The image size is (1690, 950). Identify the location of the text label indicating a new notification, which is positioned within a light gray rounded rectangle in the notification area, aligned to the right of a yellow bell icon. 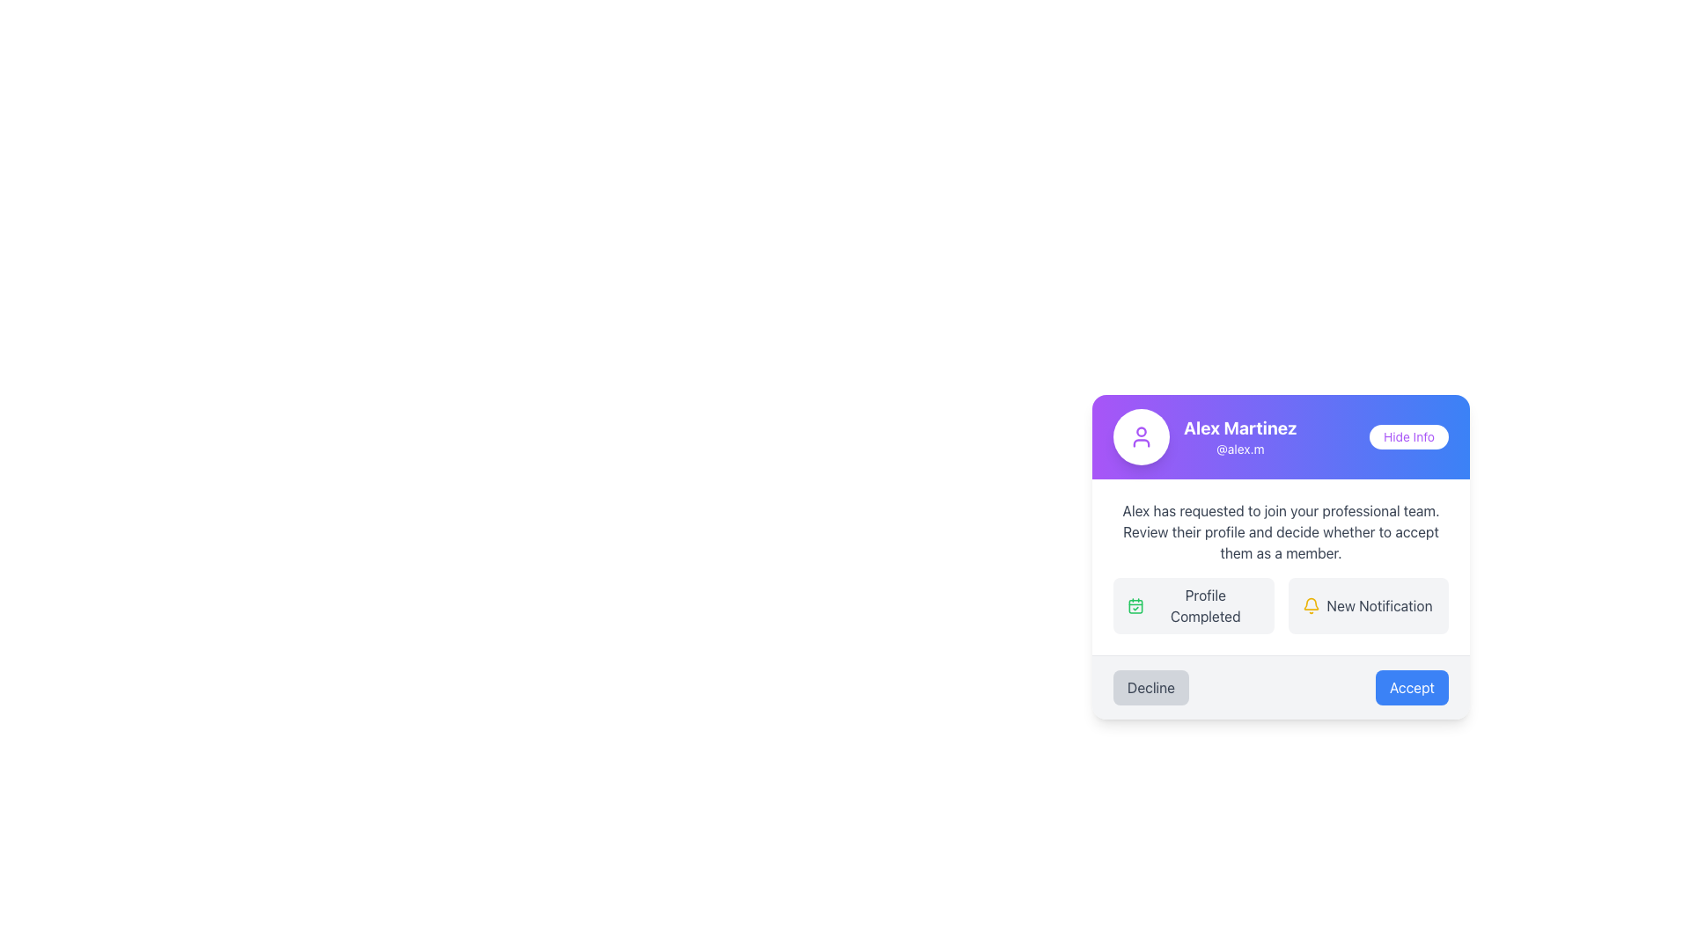
(1378, 605).